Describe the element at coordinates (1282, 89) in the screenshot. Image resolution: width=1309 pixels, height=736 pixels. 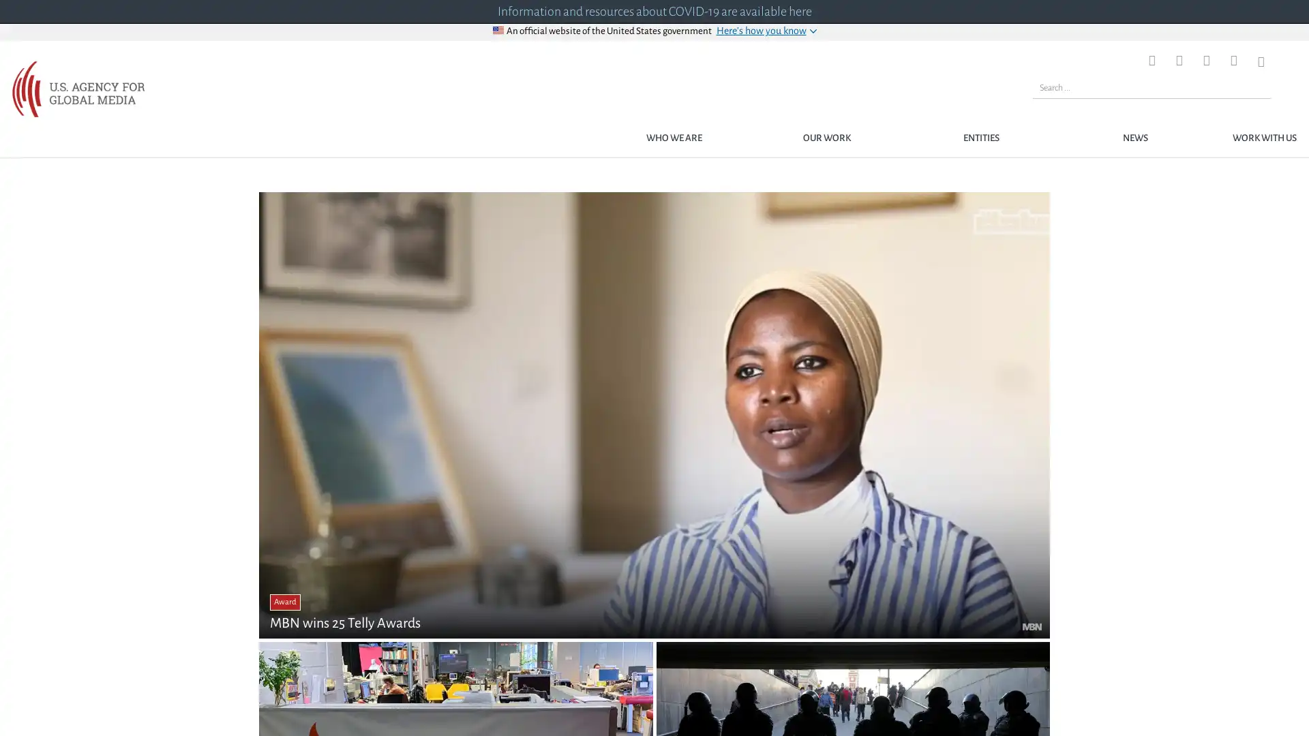
I see `Search` at that location.